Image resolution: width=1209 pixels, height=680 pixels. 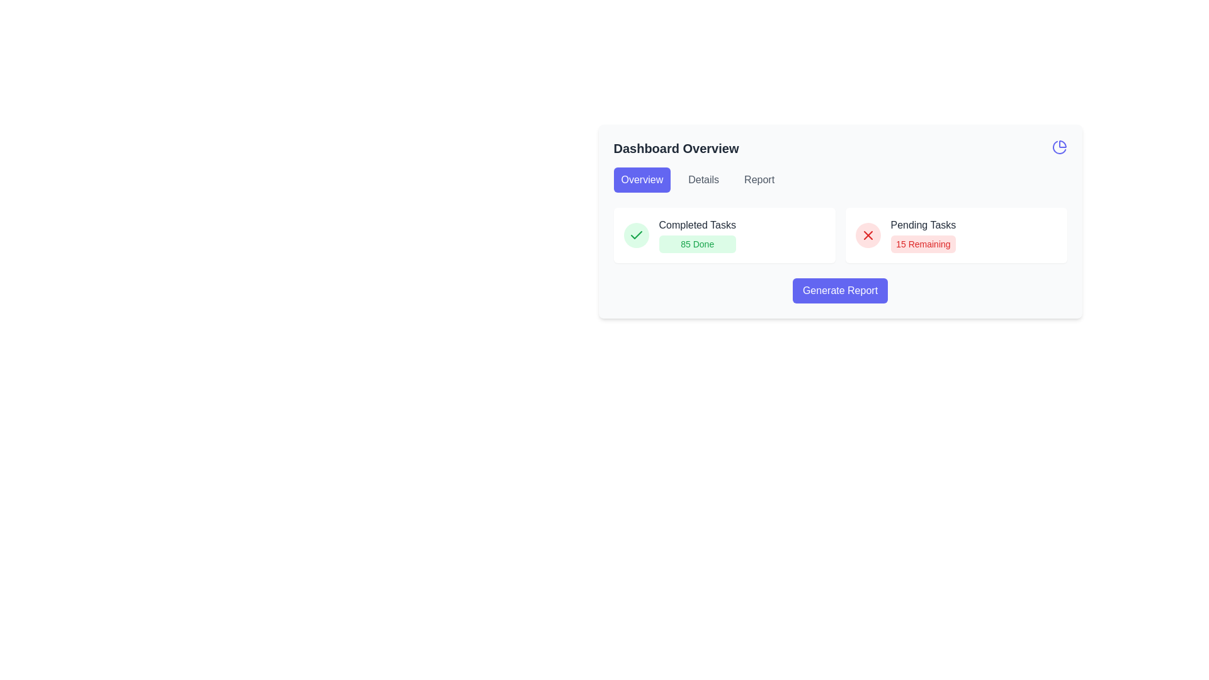 I want to click on the error icon located in the top-right corner of the 'Pending Tasks' card, next to the text '15 Remaining', so click(x=867, y=235).